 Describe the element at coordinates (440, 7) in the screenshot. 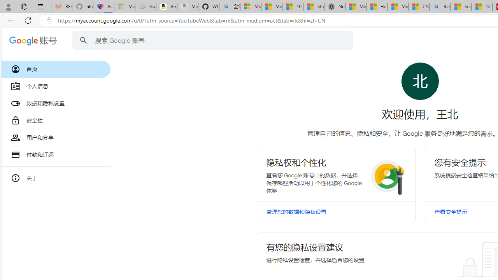

I see `'Bing'` at that location.